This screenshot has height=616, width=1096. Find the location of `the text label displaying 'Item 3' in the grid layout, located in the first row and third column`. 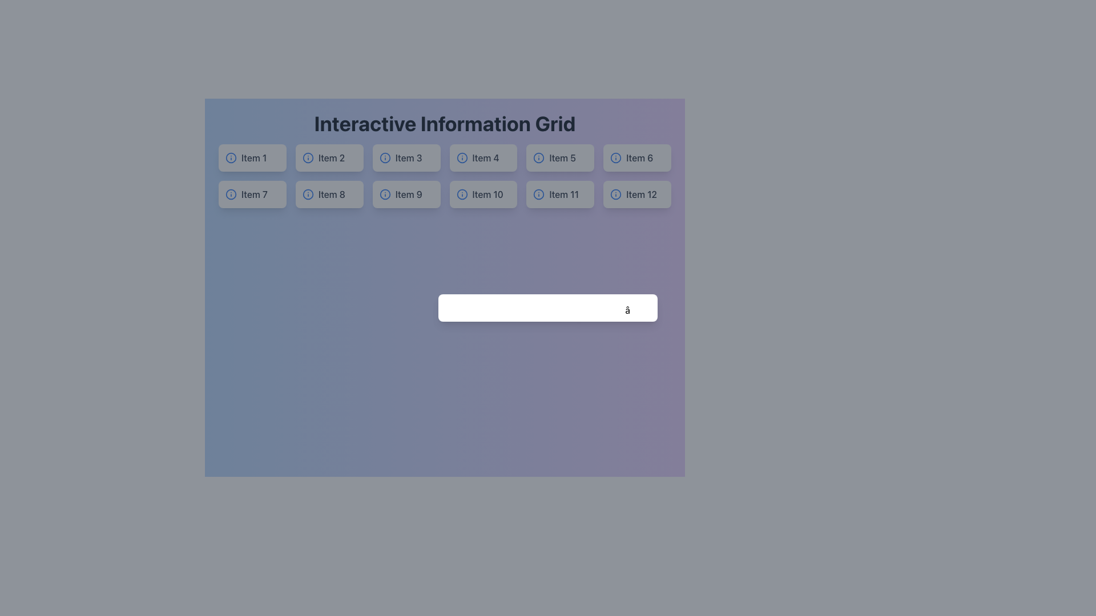

the text label displaying 'Item 3' in the grid layout, located in the first row and third column is located at coordinates (409, 158).